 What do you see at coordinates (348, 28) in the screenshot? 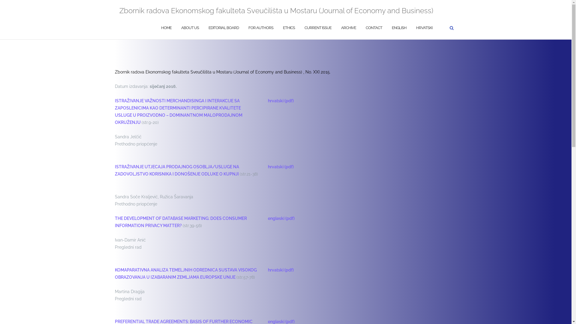
I see `'ARCHIVE'` at bounding box center [348, 28].